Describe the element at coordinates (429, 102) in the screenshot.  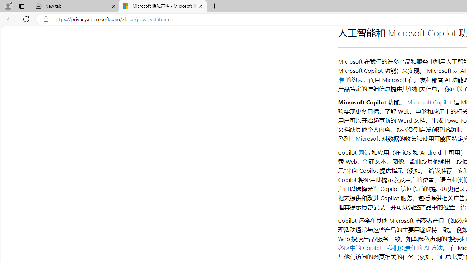
I see `'Microsoft Copilot'` at that location.